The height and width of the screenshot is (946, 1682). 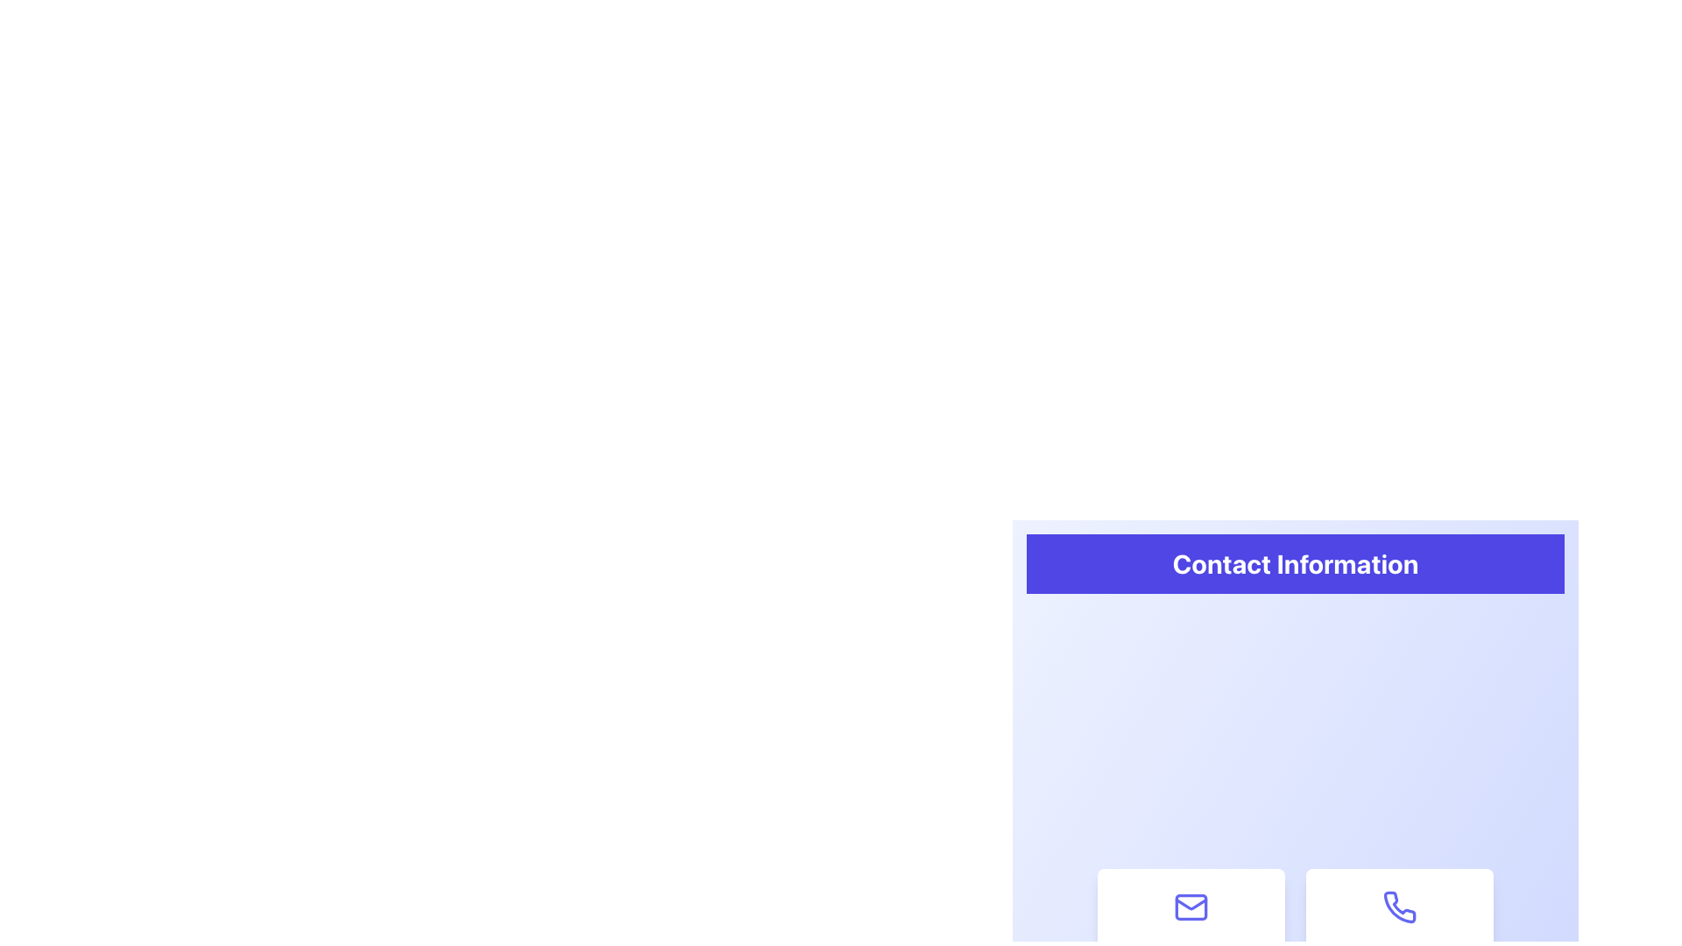 I want to click on the phone-related icon in the 'Contact Information' section, so click(x=1399, y=907).